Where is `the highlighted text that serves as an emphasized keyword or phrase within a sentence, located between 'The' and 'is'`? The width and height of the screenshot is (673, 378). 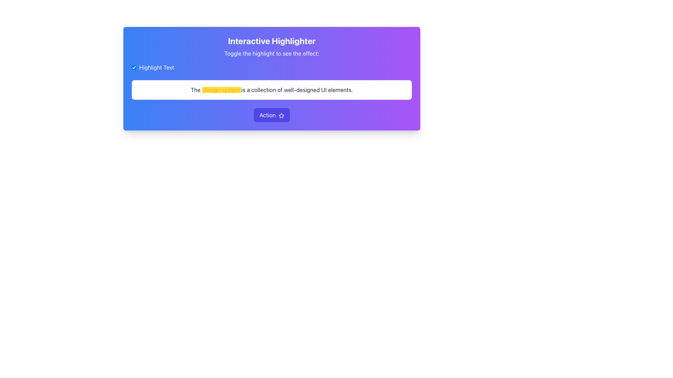
the highlighted text that serves as an emphasized keyword or phrase within a sentence, located between 'The' and 'is' is located at coordinates (221, 90).